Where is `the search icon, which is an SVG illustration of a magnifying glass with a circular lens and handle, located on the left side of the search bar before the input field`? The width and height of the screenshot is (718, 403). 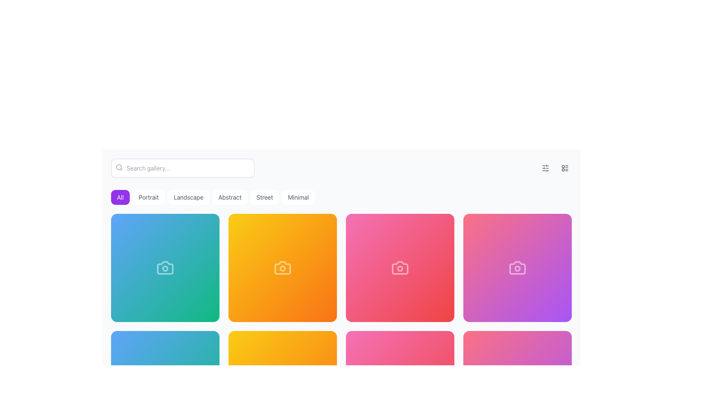
the search icon, which is an SVG illustration of a magnifying glass with a circular lens and handle, located on the left side of the search bar before the input field is located at coordinates (119, 167).